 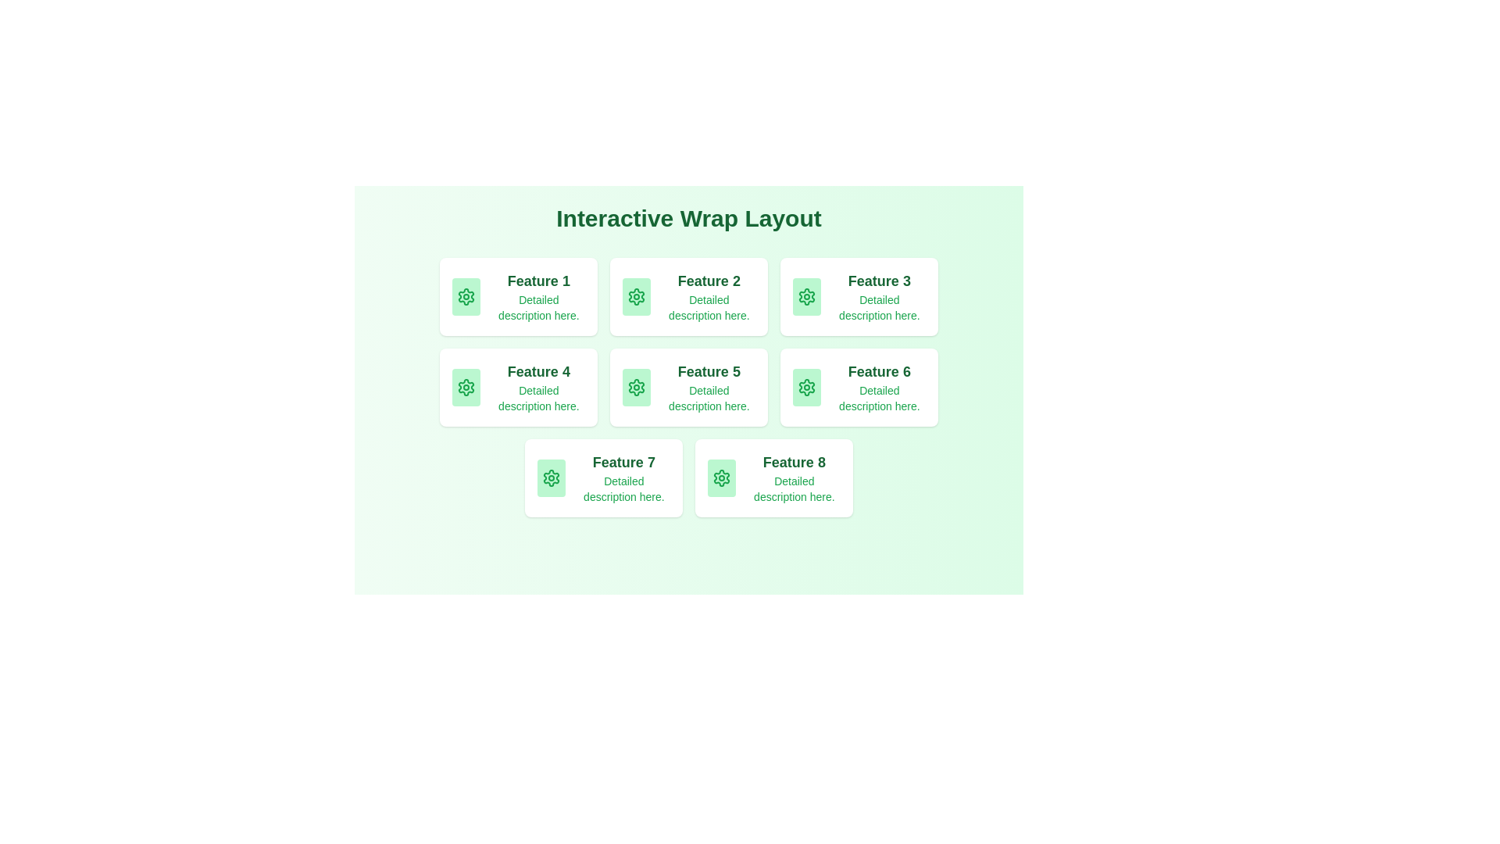 I want to click on the text label providing supplementary information for the 'Feature 7' title to check for hover effects, so click(x=623, y=488).